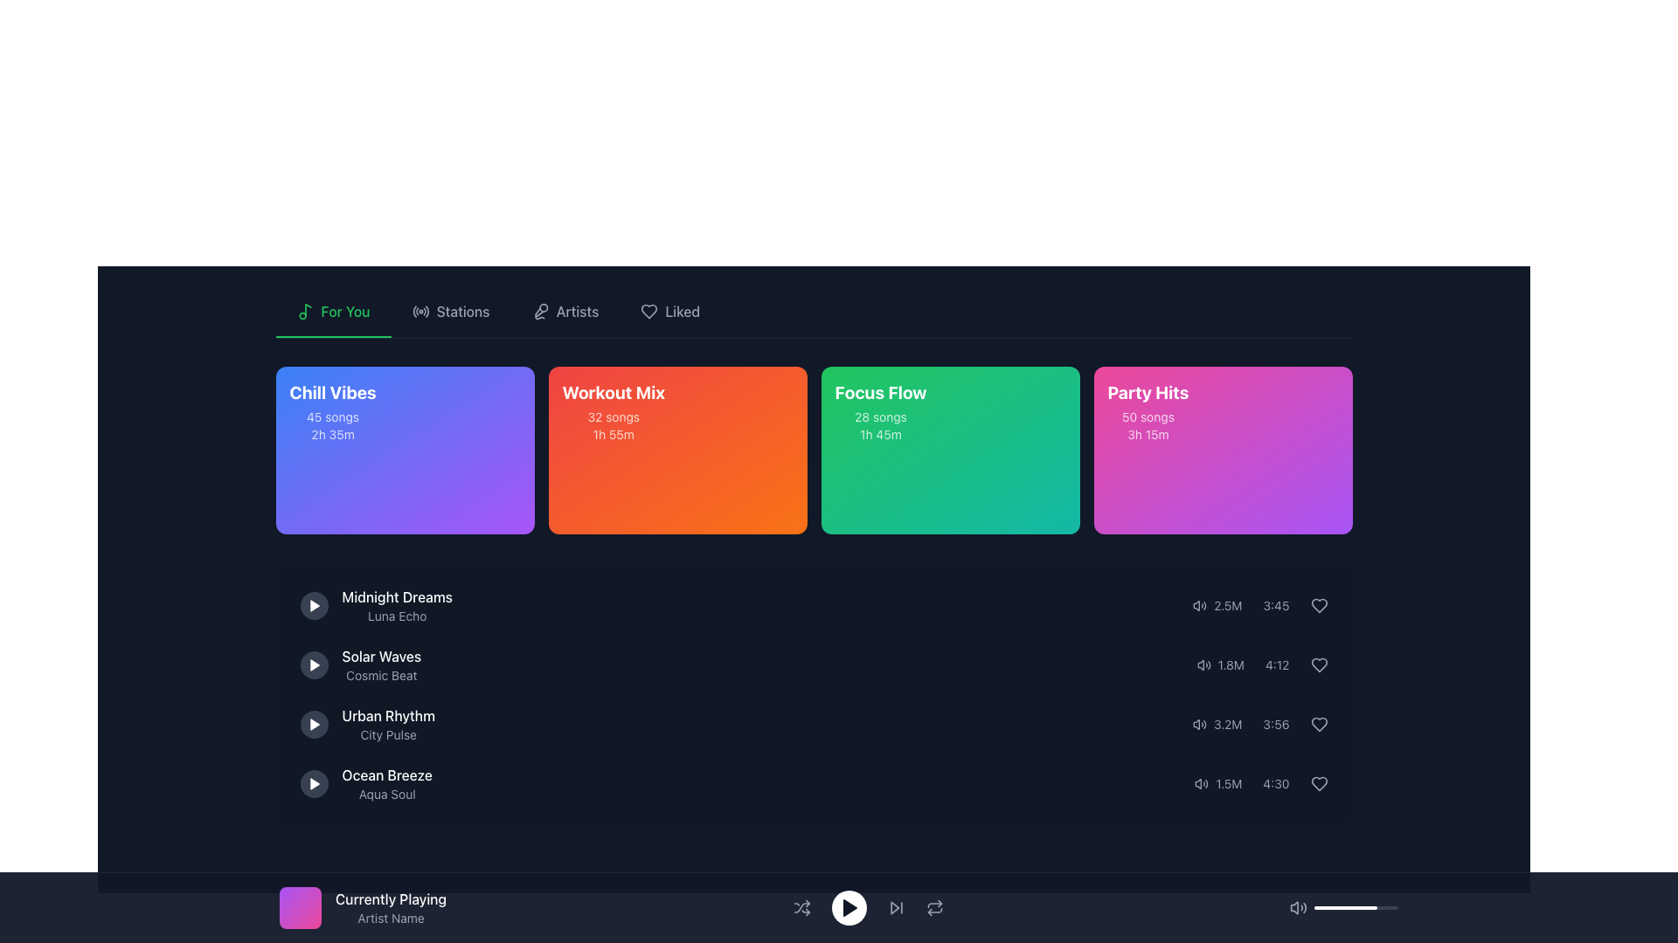  What do you see at coordinates (669, 312) in the screenshot?
I see `the 'Liked' button, which features a heart icon and light gray text, located on the top navigation bar as the fourth item in the sequence` at bounding box center [669, 312].